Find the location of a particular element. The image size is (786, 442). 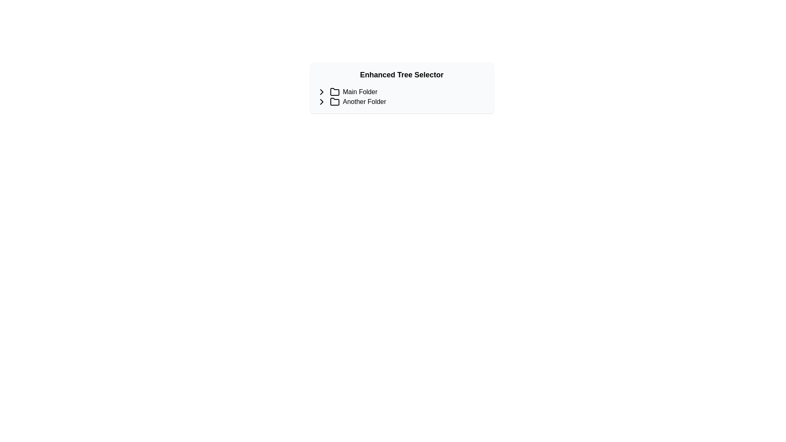

the 'Main Folder' list item is located at coordinates (402, 92).